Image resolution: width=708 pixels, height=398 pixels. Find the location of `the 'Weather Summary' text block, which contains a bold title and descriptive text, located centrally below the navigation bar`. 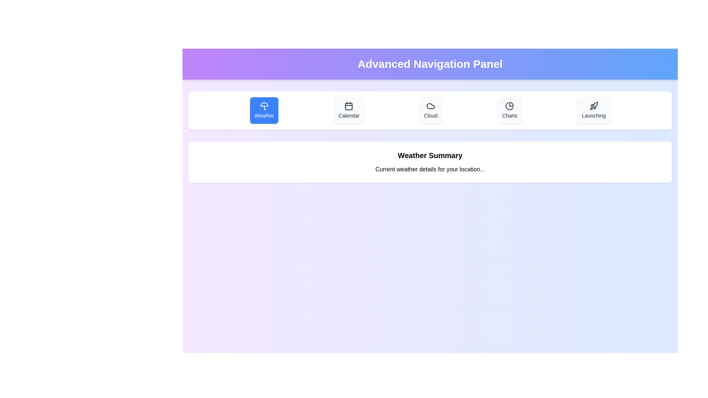

the 'Weather Summary' text block, which contains a bold title and descriptive text, located centrally below the navigation bar is located at coordinates (430, 161).